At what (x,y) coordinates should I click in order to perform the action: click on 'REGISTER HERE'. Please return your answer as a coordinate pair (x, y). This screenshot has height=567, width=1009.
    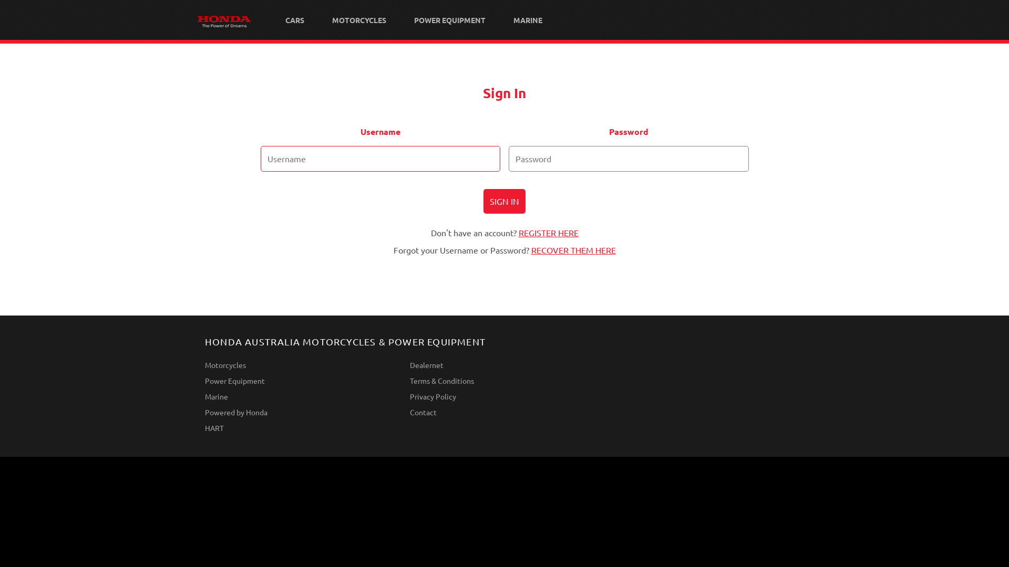
    Looking at the image, I should click on (547, 232).